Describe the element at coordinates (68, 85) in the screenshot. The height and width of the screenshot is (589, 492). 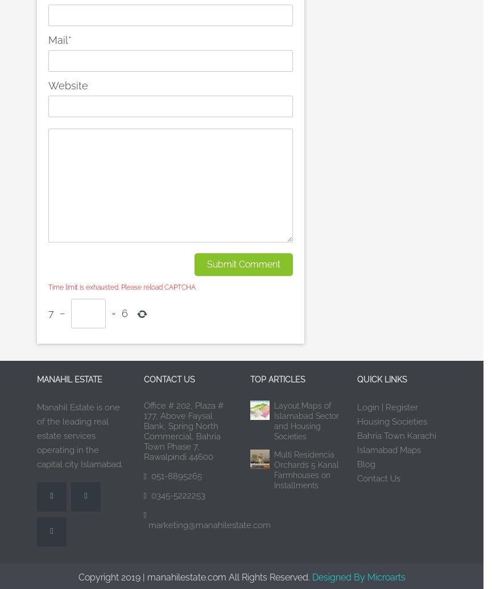
I see `'Website'` at that location.